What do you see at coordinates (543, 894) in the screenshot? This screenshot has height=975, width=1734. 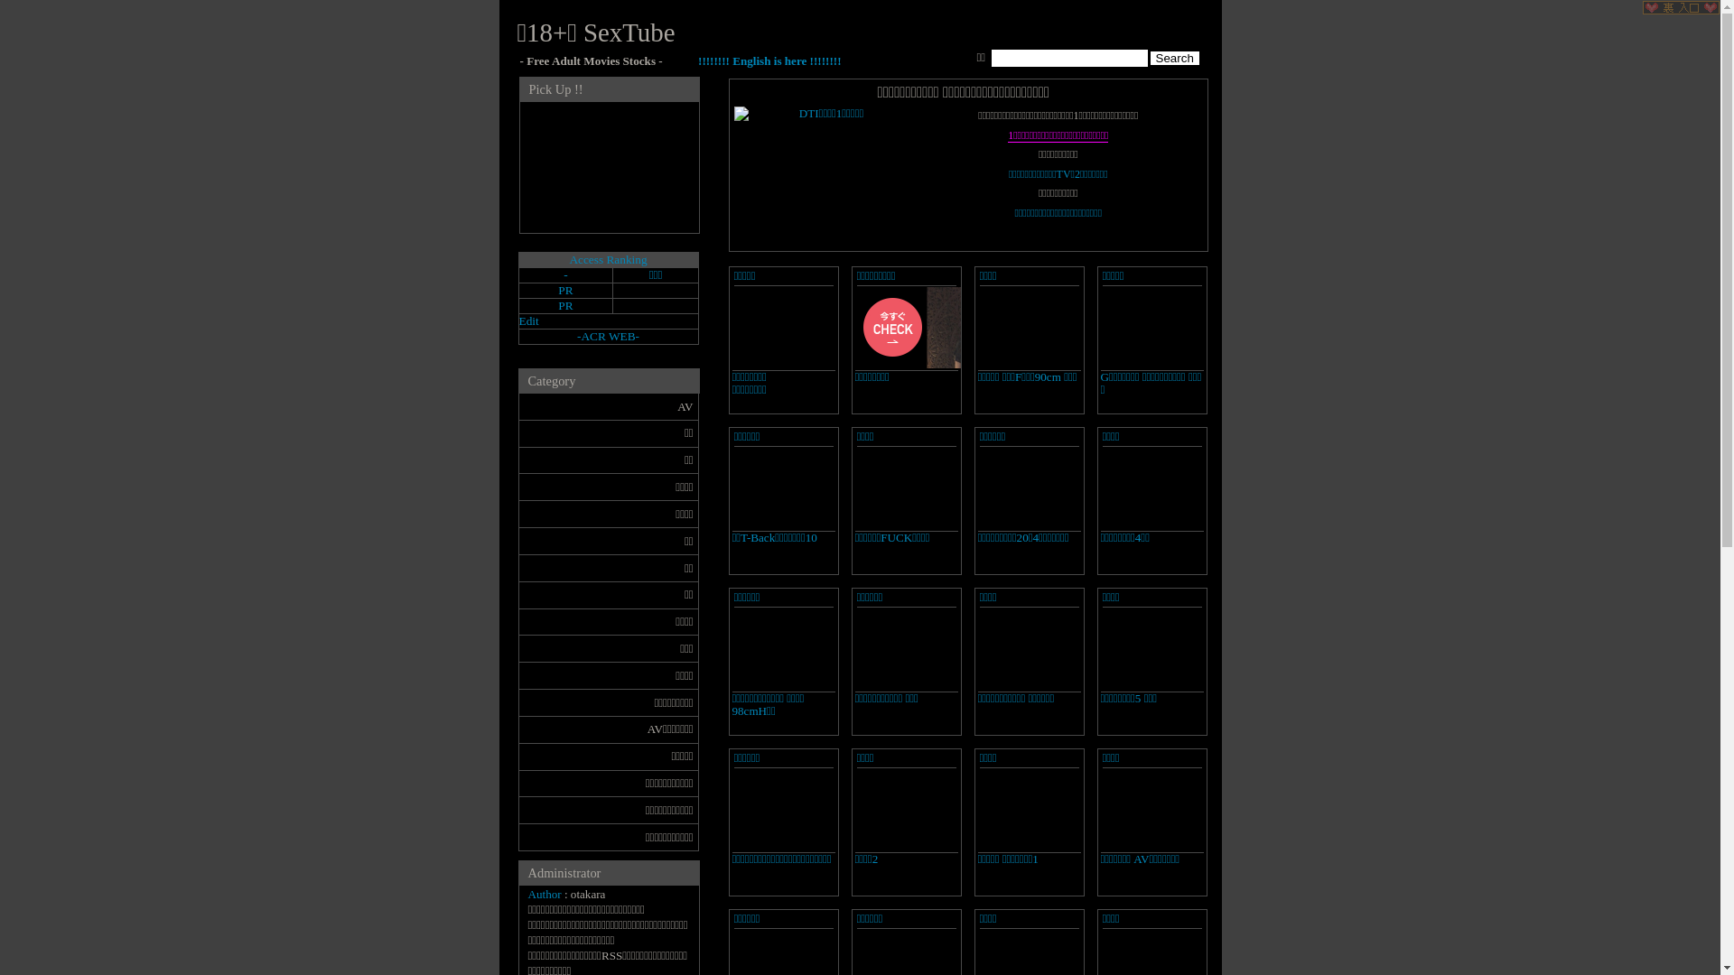 I see `'Author'` at bounding box center [543, 894].